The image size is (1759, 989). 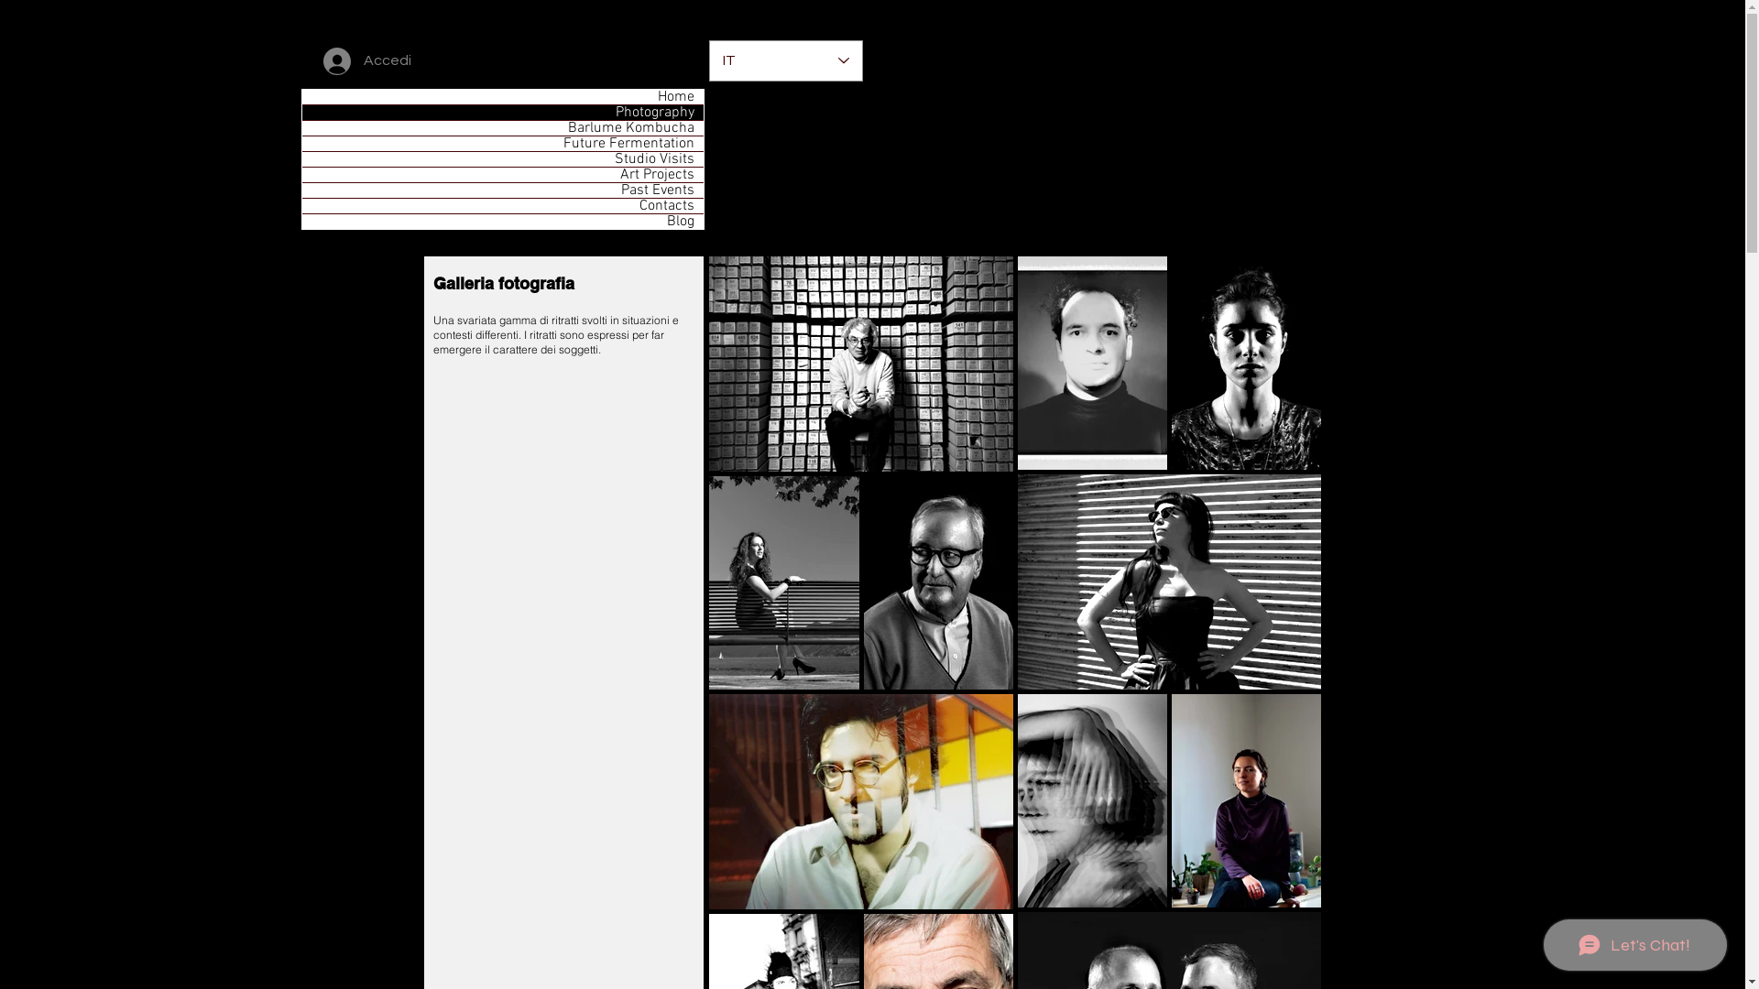 What do you see at coordinates (502, 158) in the screenshot?
I see `'Studio Visits'` at bounding box center [502, 158].